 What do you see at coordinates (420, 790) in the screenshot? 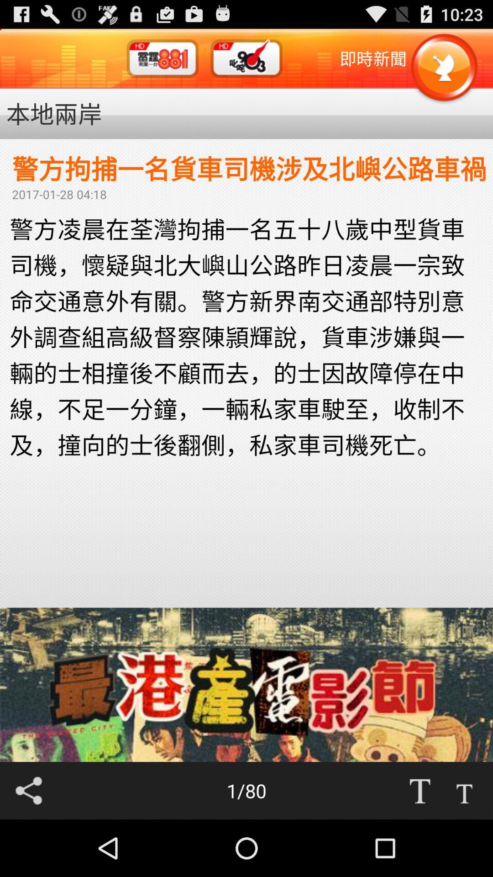
I see `text case` at bounding box center [420, 790].